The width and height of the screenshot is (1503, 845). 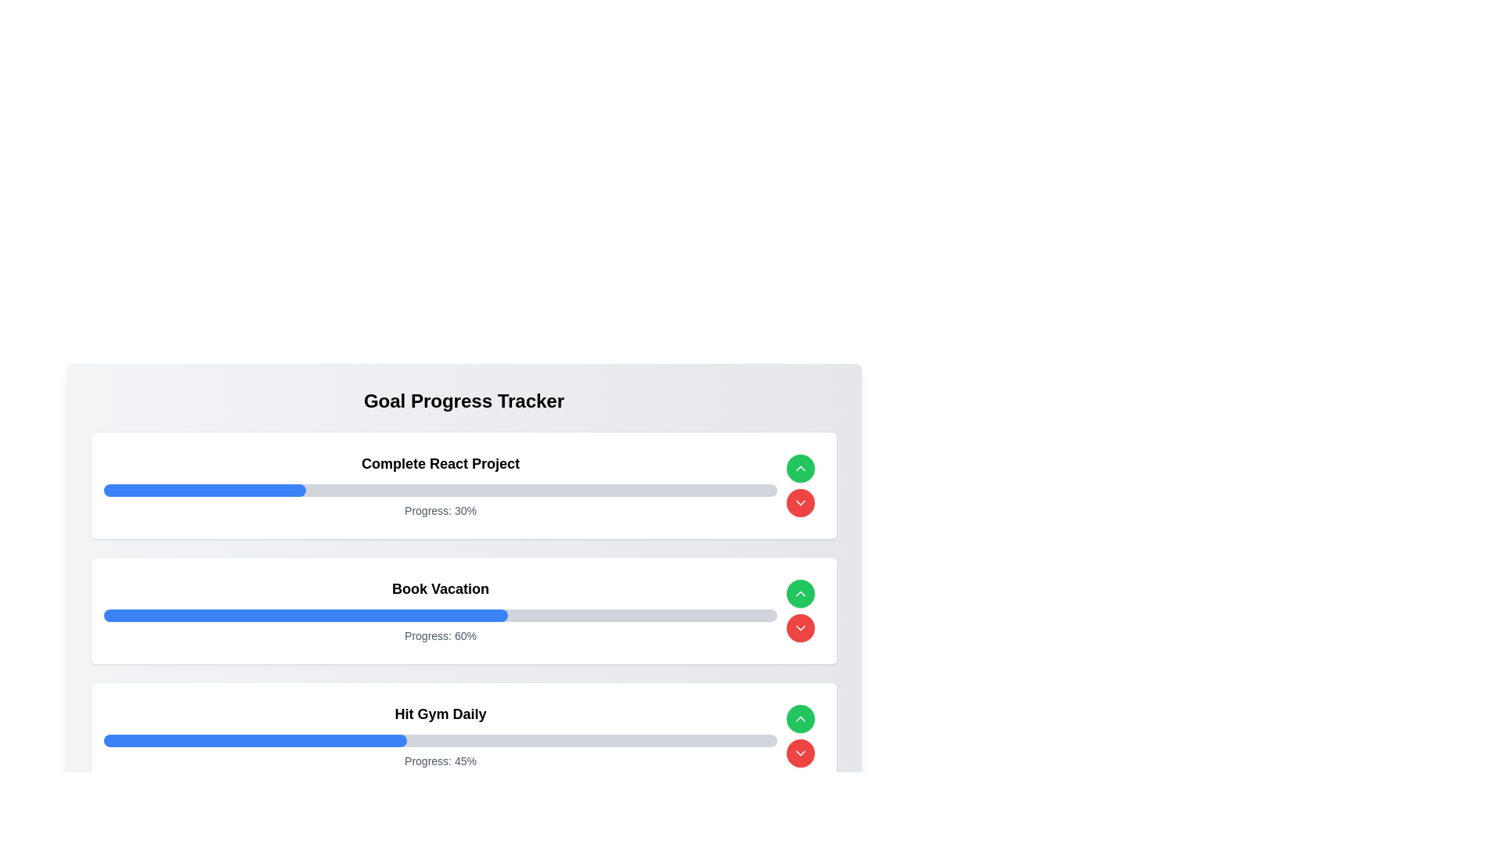 What do you see at coordinates (439, 463) in the screenshot?
I see `text element displaying 'Complete React Project', which is styled in bold and larger font, positioned above the progress bar in the task list` at bounding box center [439, 463].